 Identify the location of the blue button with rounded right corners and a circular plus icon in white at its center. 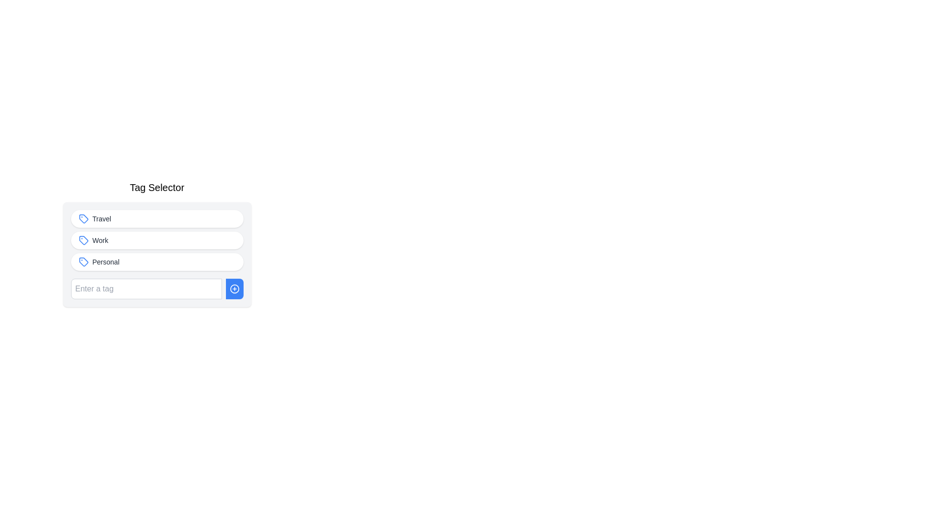
(234, 289).